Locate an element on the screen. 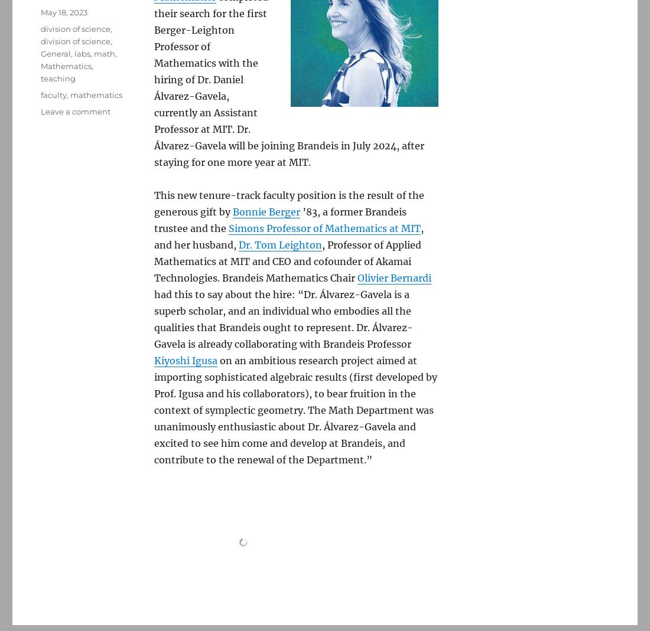 The image size is (650, 631). 'math' is located at coordinates (103, 53).